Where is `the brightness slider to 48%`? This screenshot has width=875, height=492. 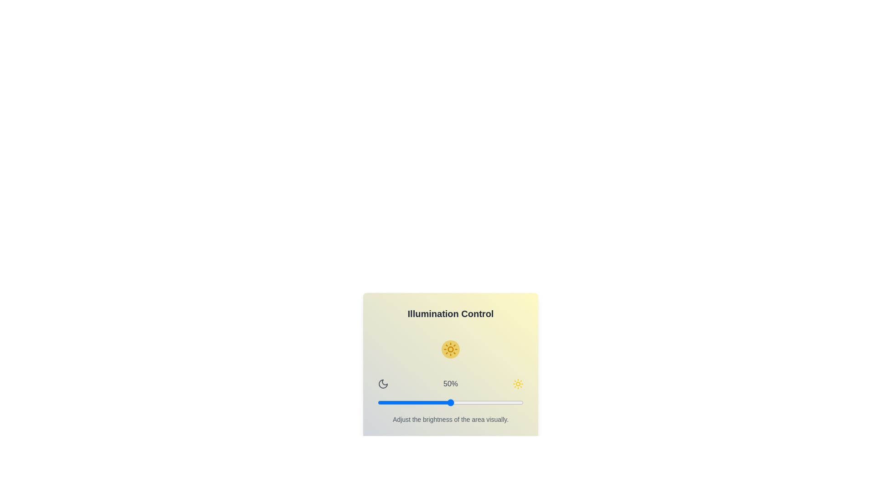 the brightness slider to 48% is located at coordinates (448, 402).